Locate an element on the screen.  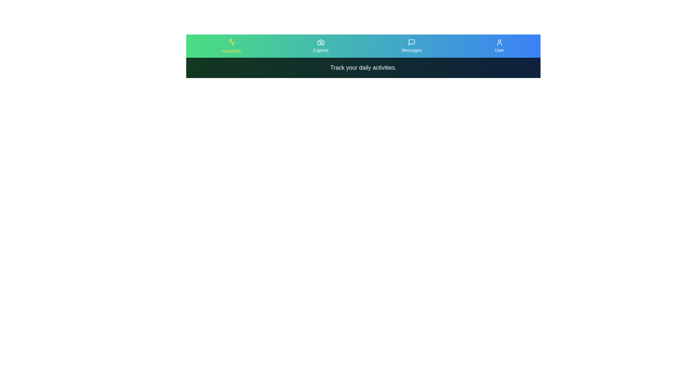
the Capture tab to view its content is located at coordinates (320, 46).